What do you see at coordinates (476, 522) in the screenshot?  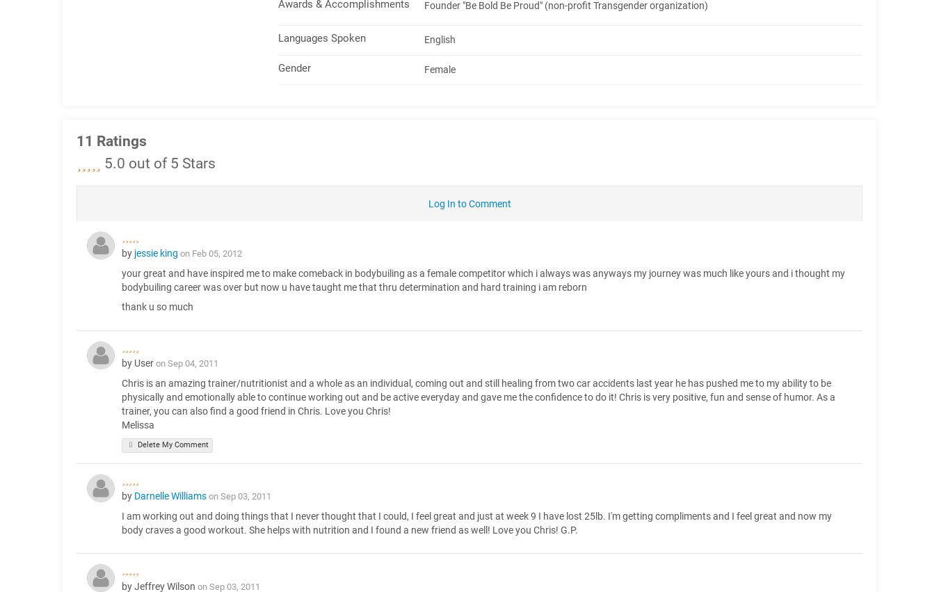 I see `'I am working out and doing things that I never thought that I could, I feel great and just at week 9 I have lost 25lb. I'm getting compliments and I feel great and now my body craves a good workout. She helps with nutrition and I found a new friend as well! Love you Chris! G.P.'` at bounding box center [476, 522].